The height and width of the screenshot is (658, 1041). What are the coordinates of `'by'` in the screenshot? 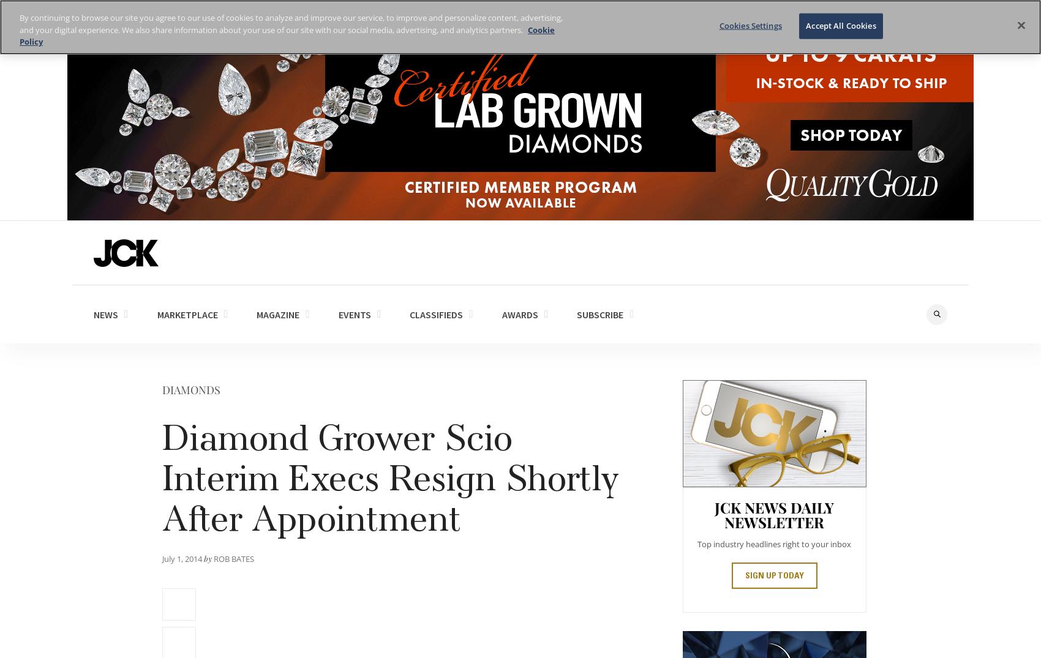 It's located at (203, 558).